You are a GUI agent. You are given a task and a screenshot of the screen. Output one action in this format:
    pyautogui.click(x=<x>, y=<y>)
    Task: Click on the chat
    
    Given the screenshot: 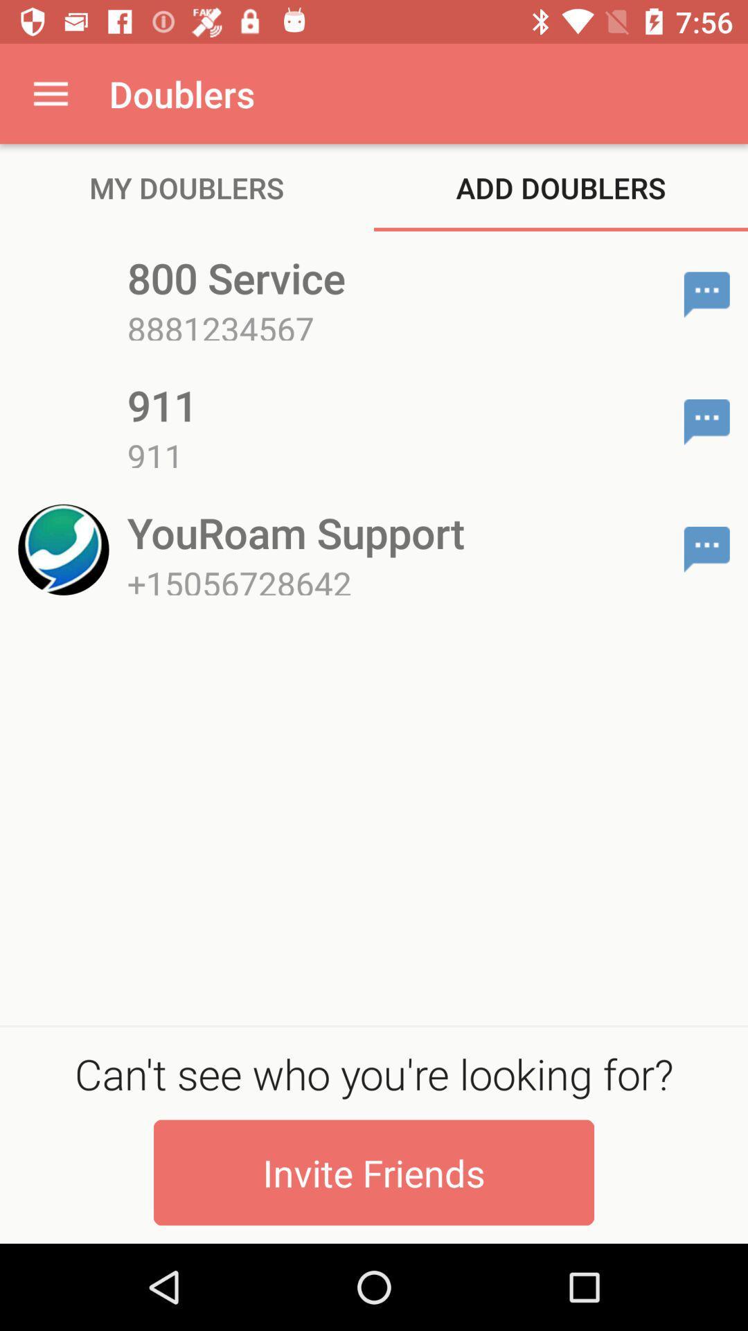 What is the action you would take?
    pyautogui.click(x=706, y=548)
    